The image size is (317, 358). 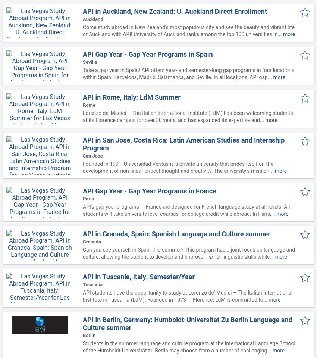 What do you see at coordinates (183, 144) in the screenshot?
I see `'API in San Jose, Costa Rica: Latin American Studies and Internship Program'` at bounding box center [183, 144].